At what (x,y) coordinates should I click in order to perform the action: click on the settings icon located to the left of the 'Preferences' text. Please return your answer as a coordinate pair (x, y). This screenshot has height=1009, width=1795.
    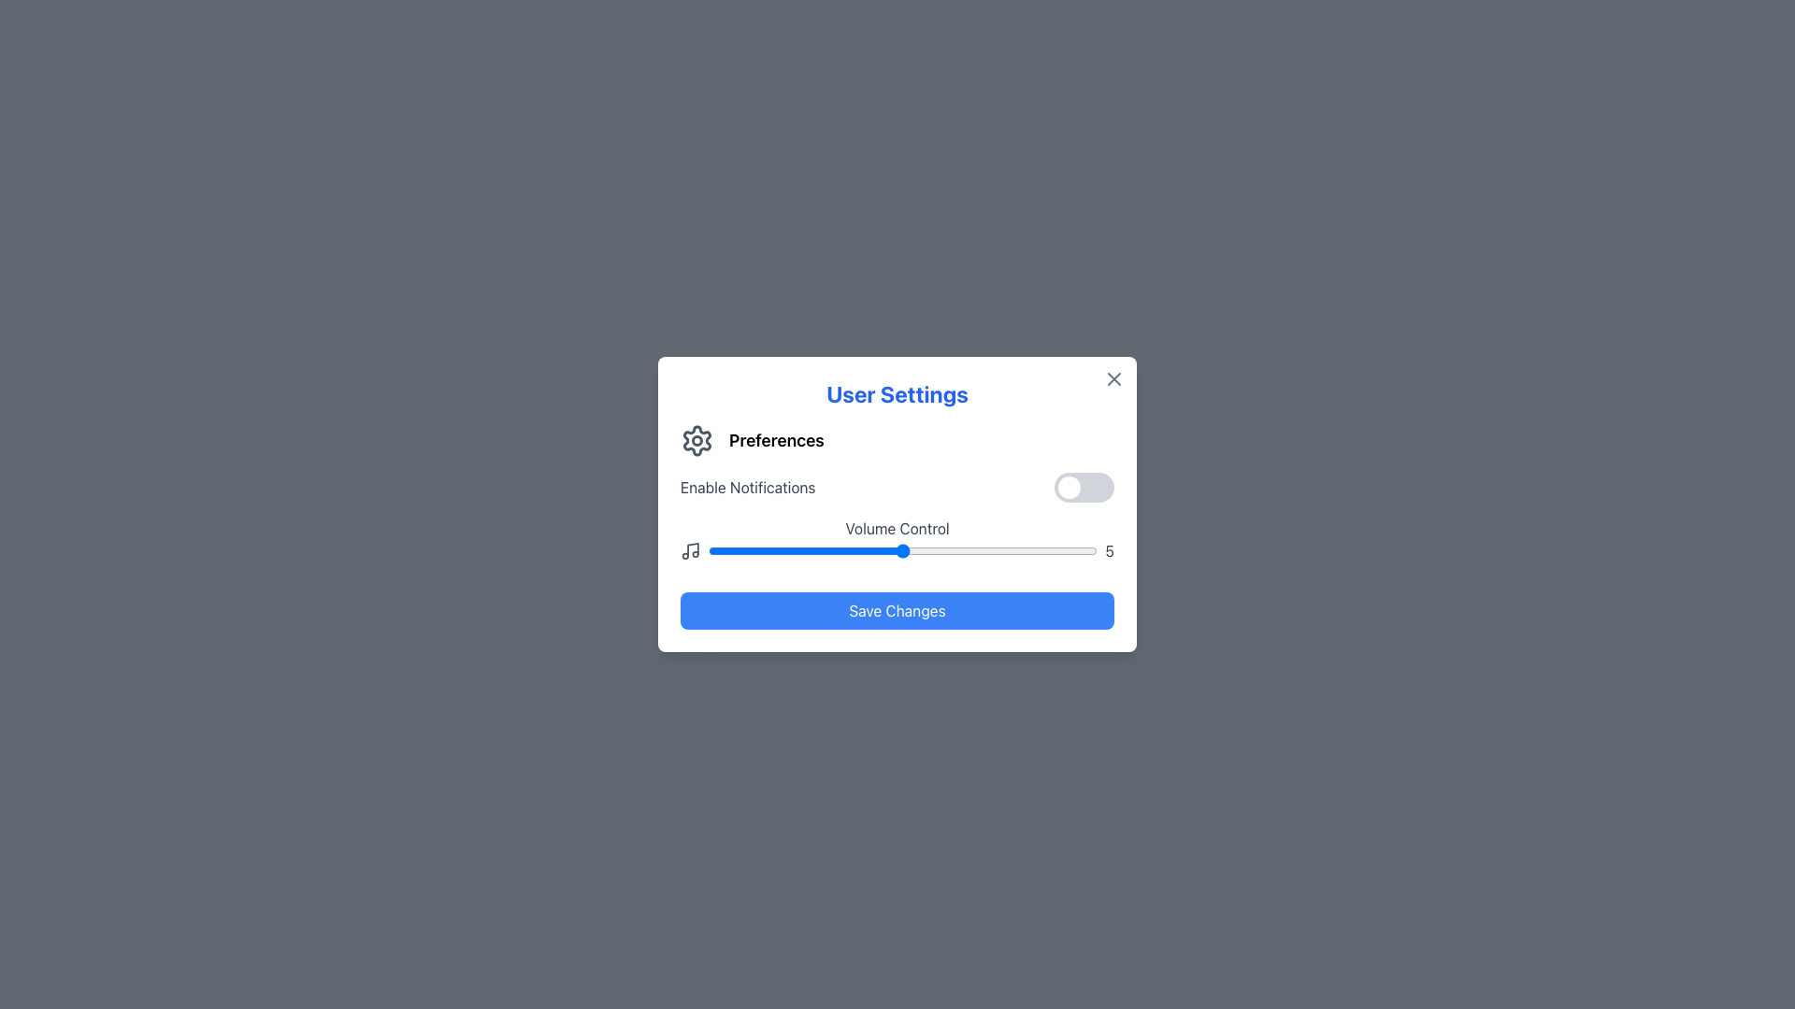
    Looking at the image, I should click on (696, 440).